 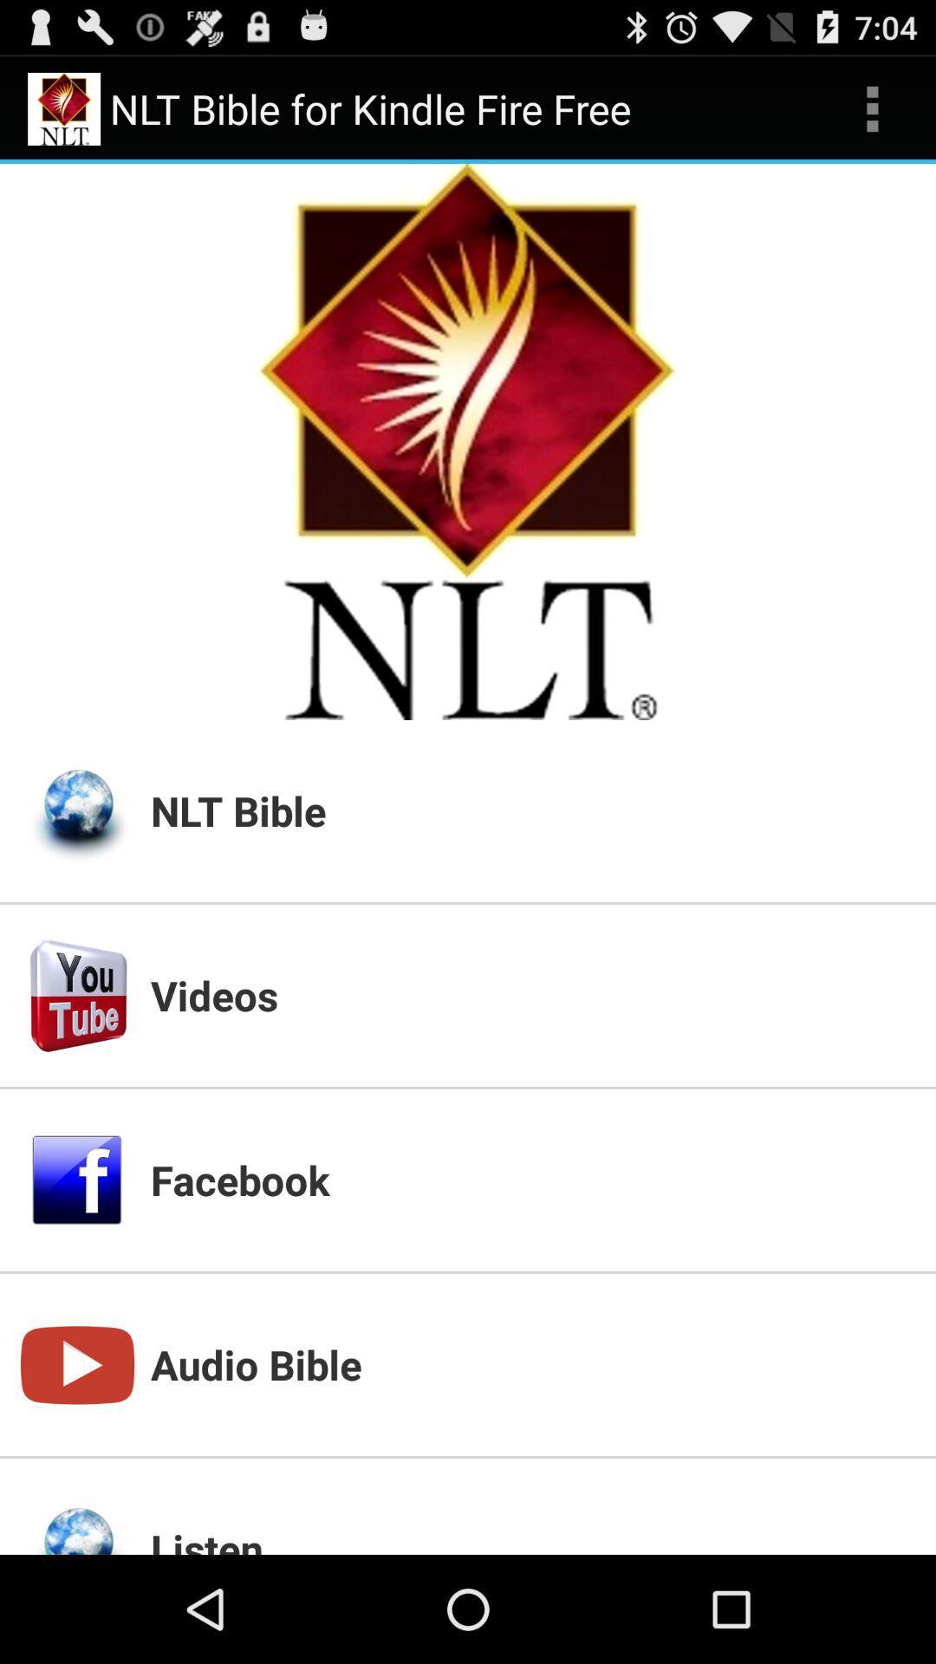 I want to click on the app below audio bible icon, so click(x=531, y=1537).